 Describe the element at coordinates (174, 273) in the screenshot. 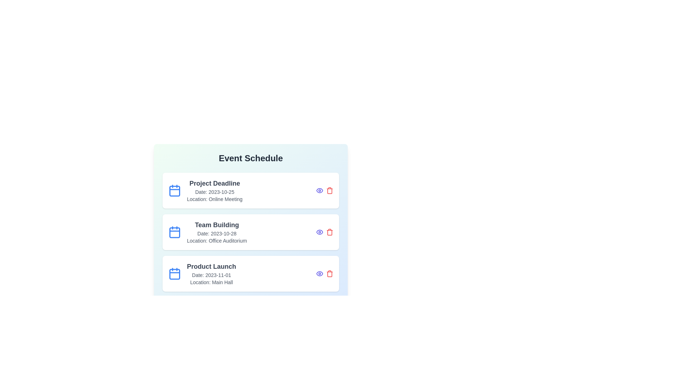

I see `the calendar icon for the event Product Launch` at that location.